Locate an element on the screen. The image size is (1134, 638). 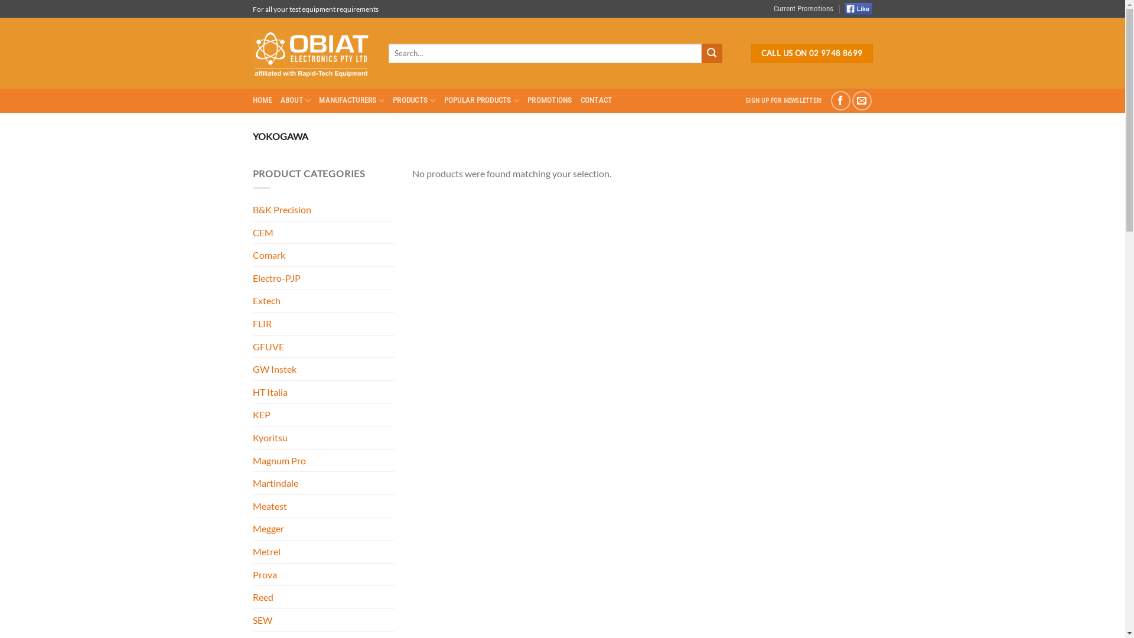
'GFUVE' is located at coordinates (323, 346).